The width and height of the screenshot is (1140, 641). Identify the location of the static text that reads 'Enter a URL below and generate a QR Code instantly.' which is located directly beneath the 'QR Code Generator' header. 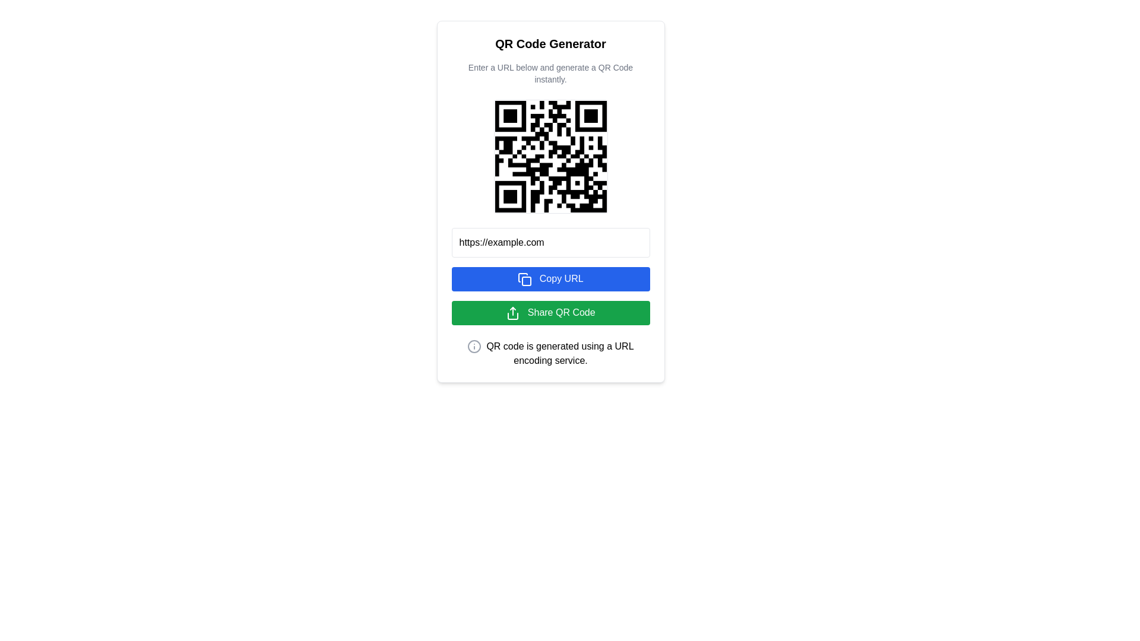
(550, 73).